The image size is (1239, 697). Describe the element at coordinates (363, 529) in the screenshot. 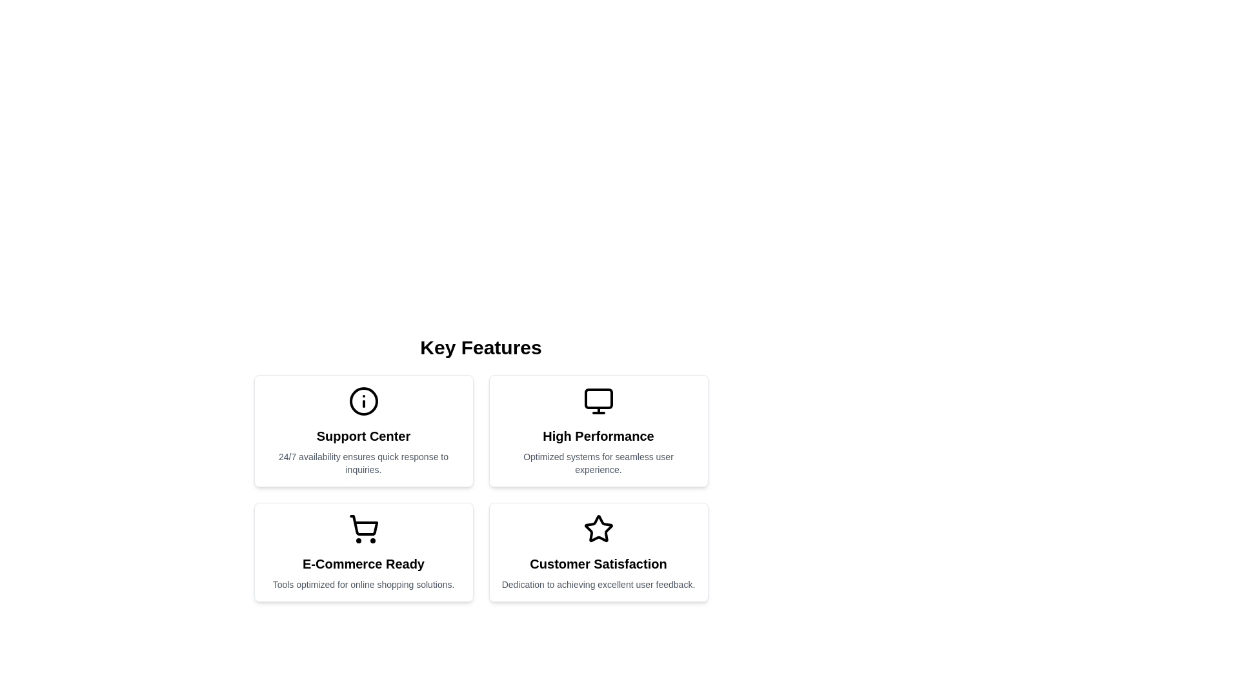

I see `the shopping cart icon, which is a minimalistic black outline design located in the second card from the left in the bottom row labeled 'E-Commerce Ready'` at that location.